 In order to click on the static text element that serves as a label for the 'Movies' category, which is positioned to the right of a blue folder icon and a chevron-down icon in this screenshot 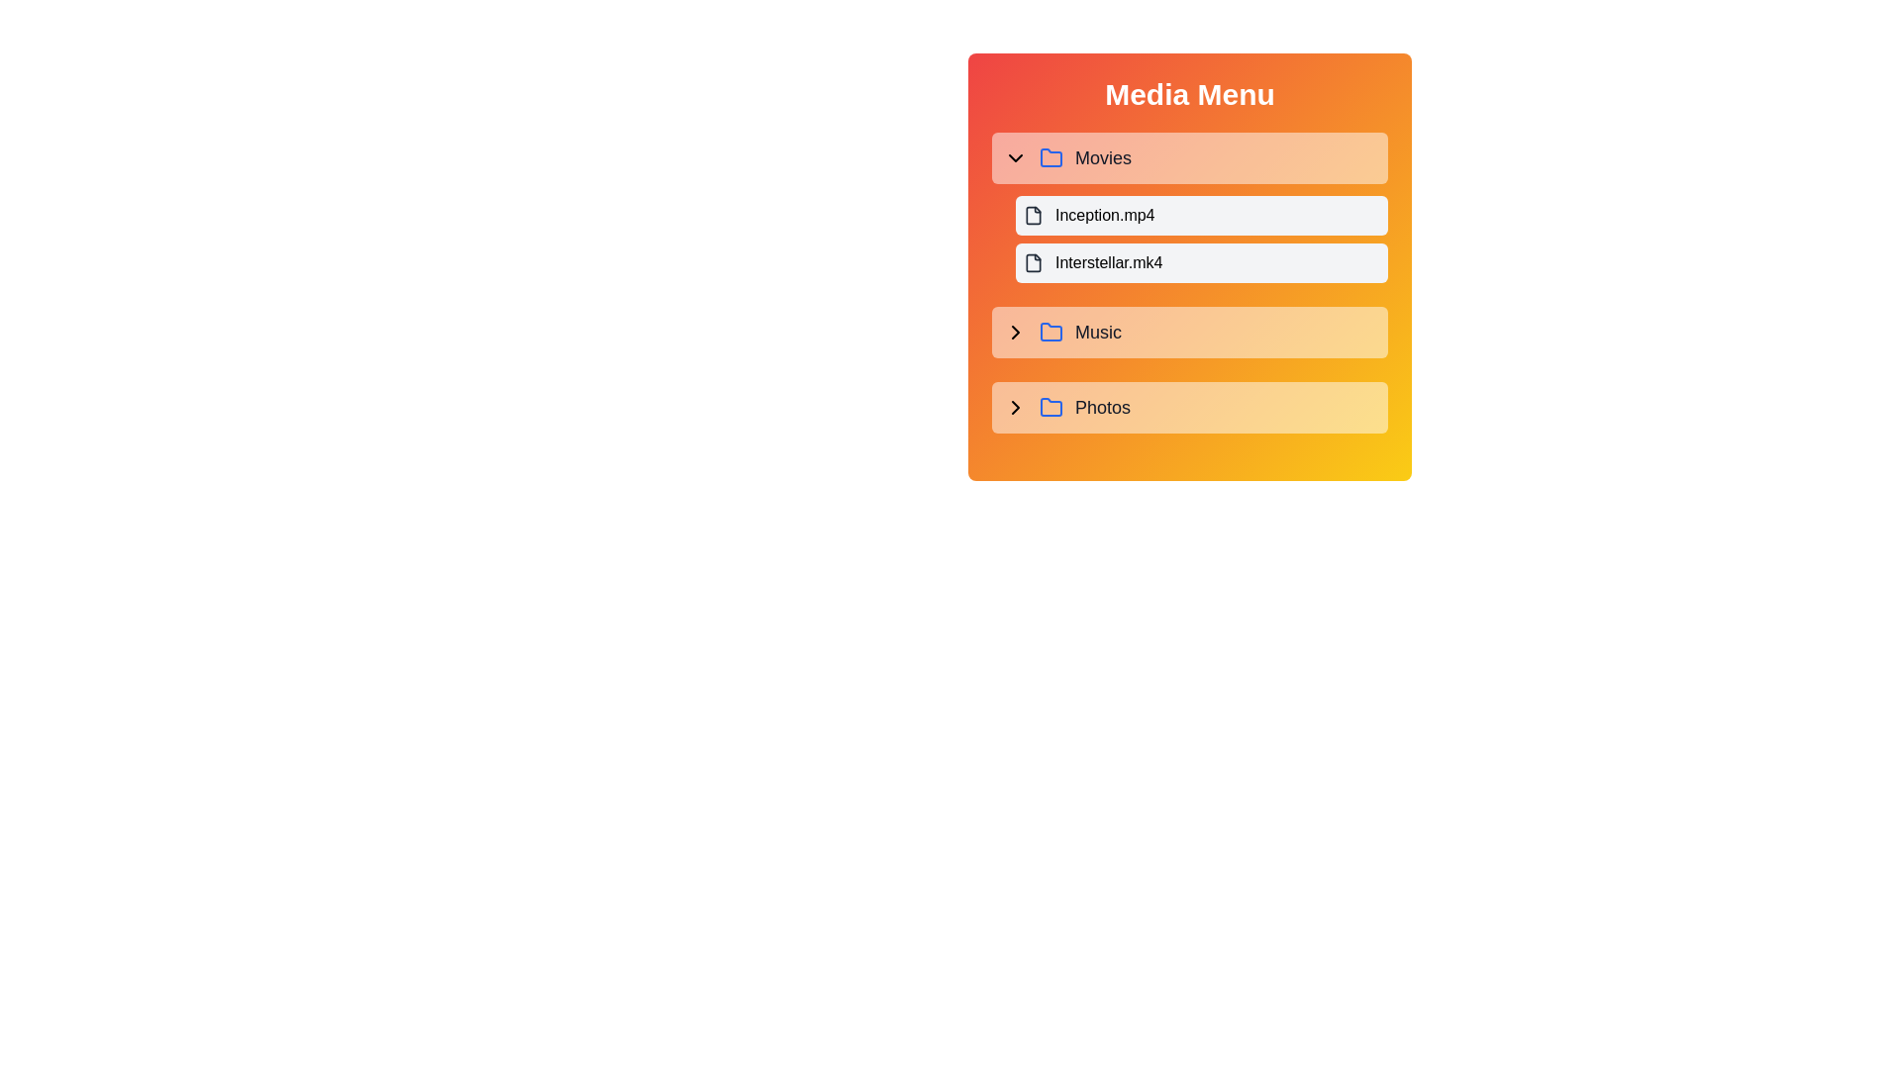, I will do `click(1102, 156)`.